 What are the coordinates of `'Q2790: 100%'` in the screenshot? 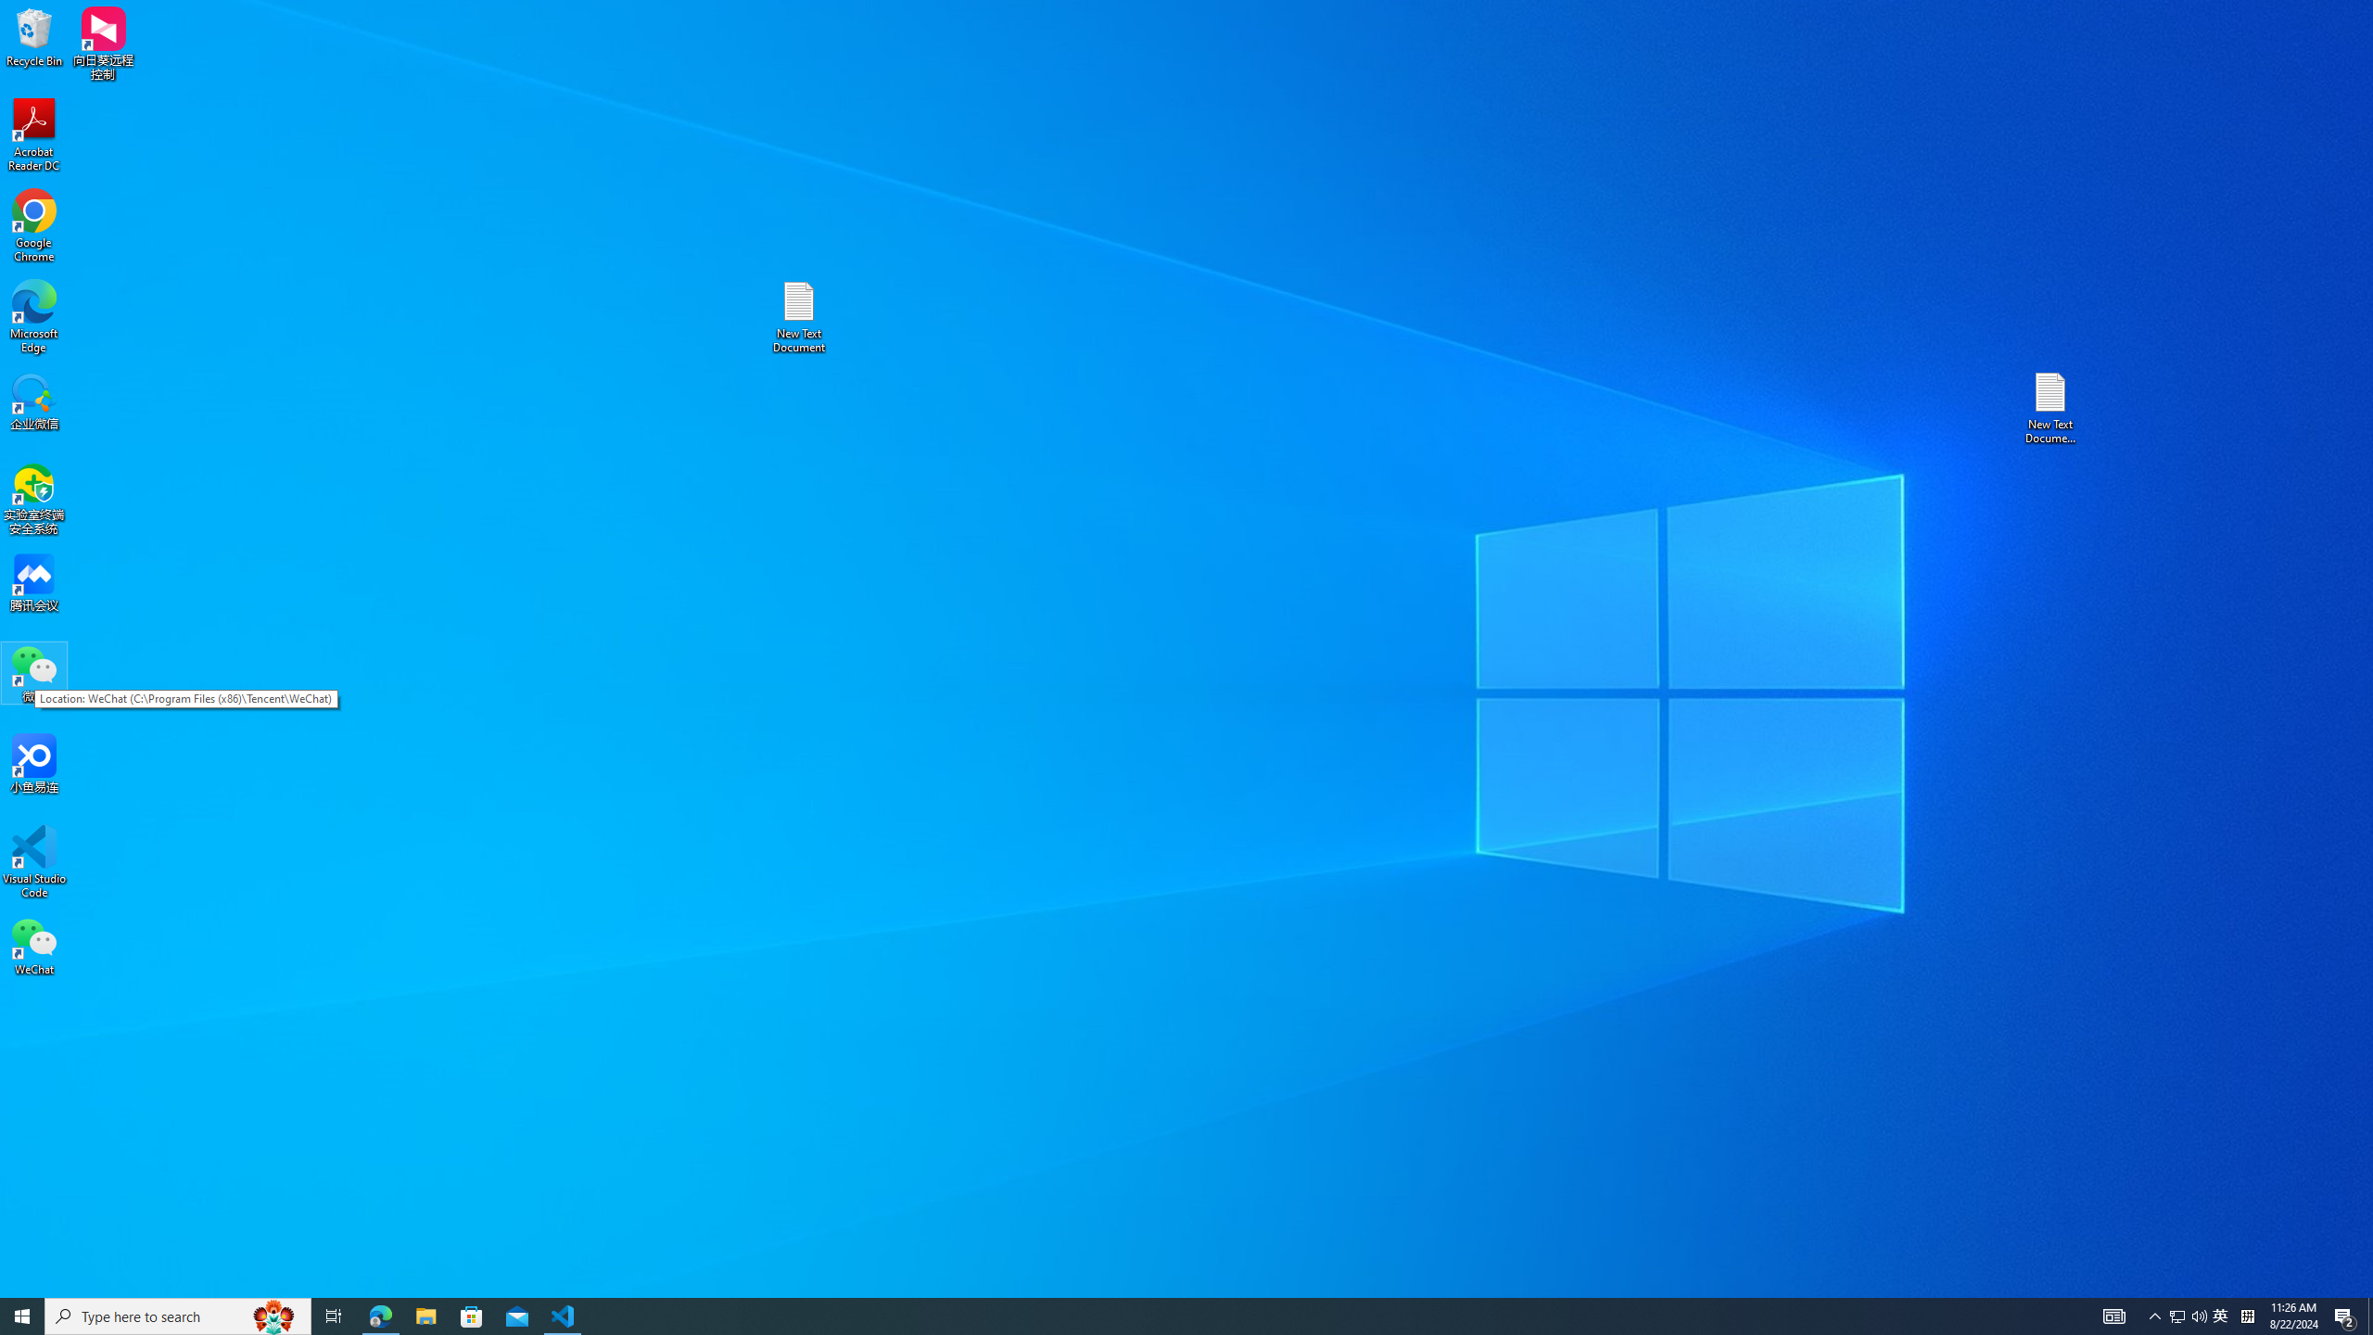 It's located at (2221, 1315).